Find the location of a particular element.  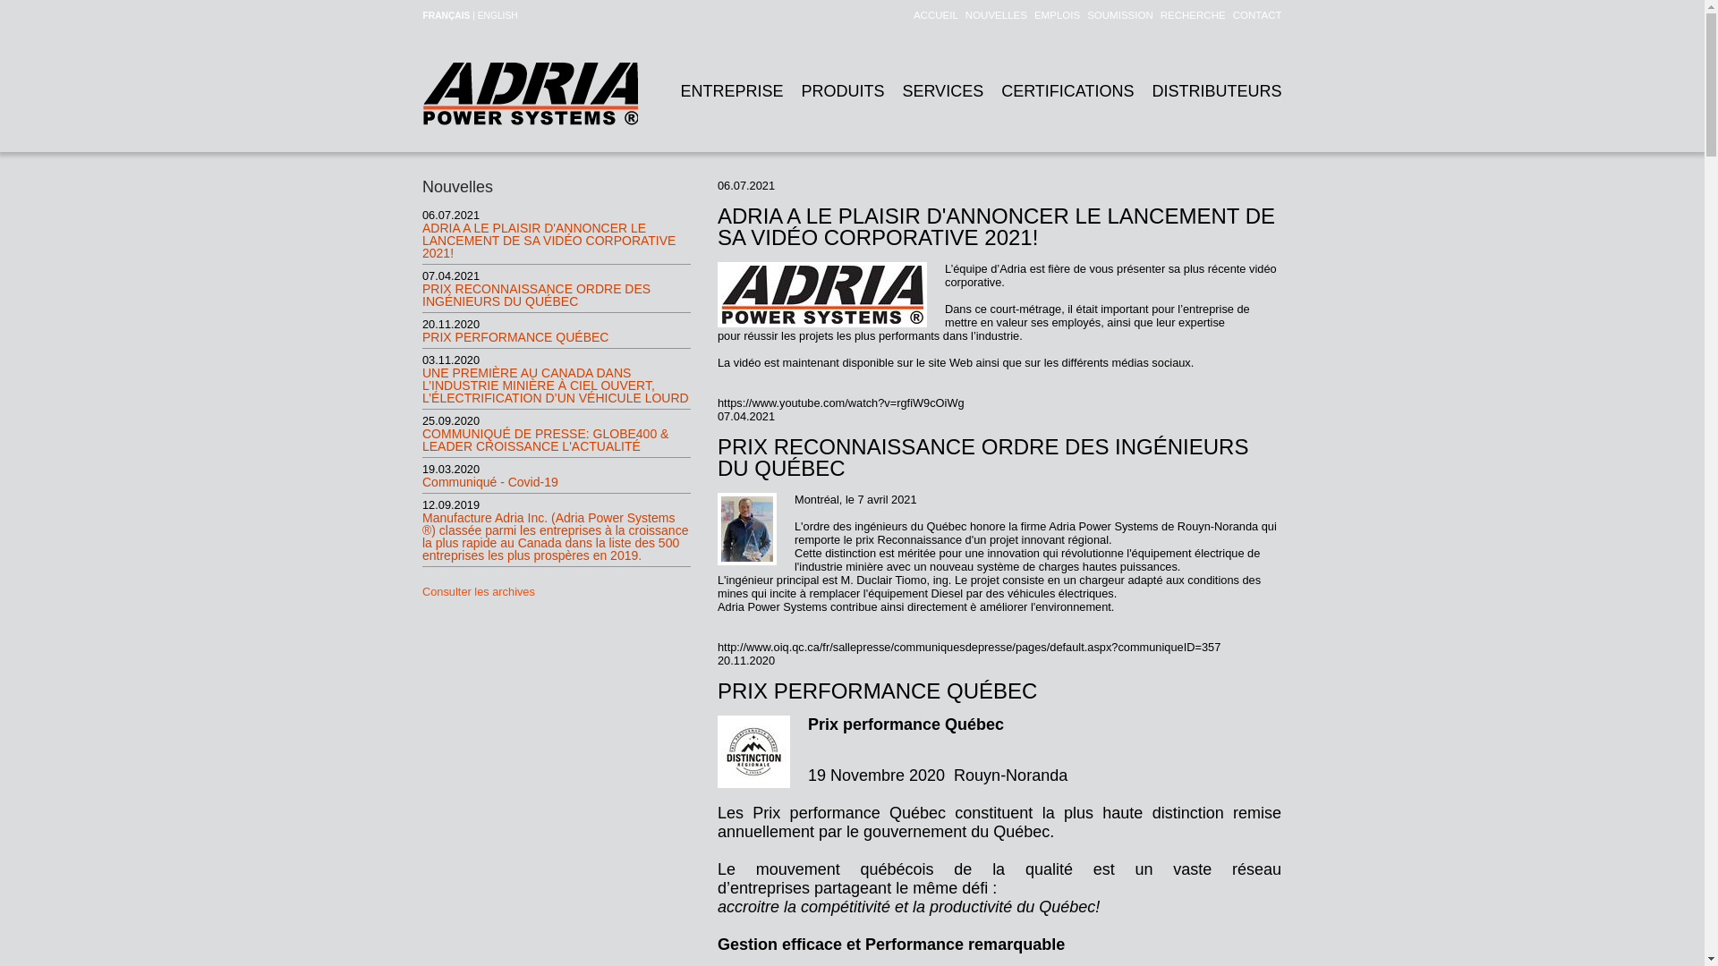

'ENGLISH' is located at coordinates (498, 15).